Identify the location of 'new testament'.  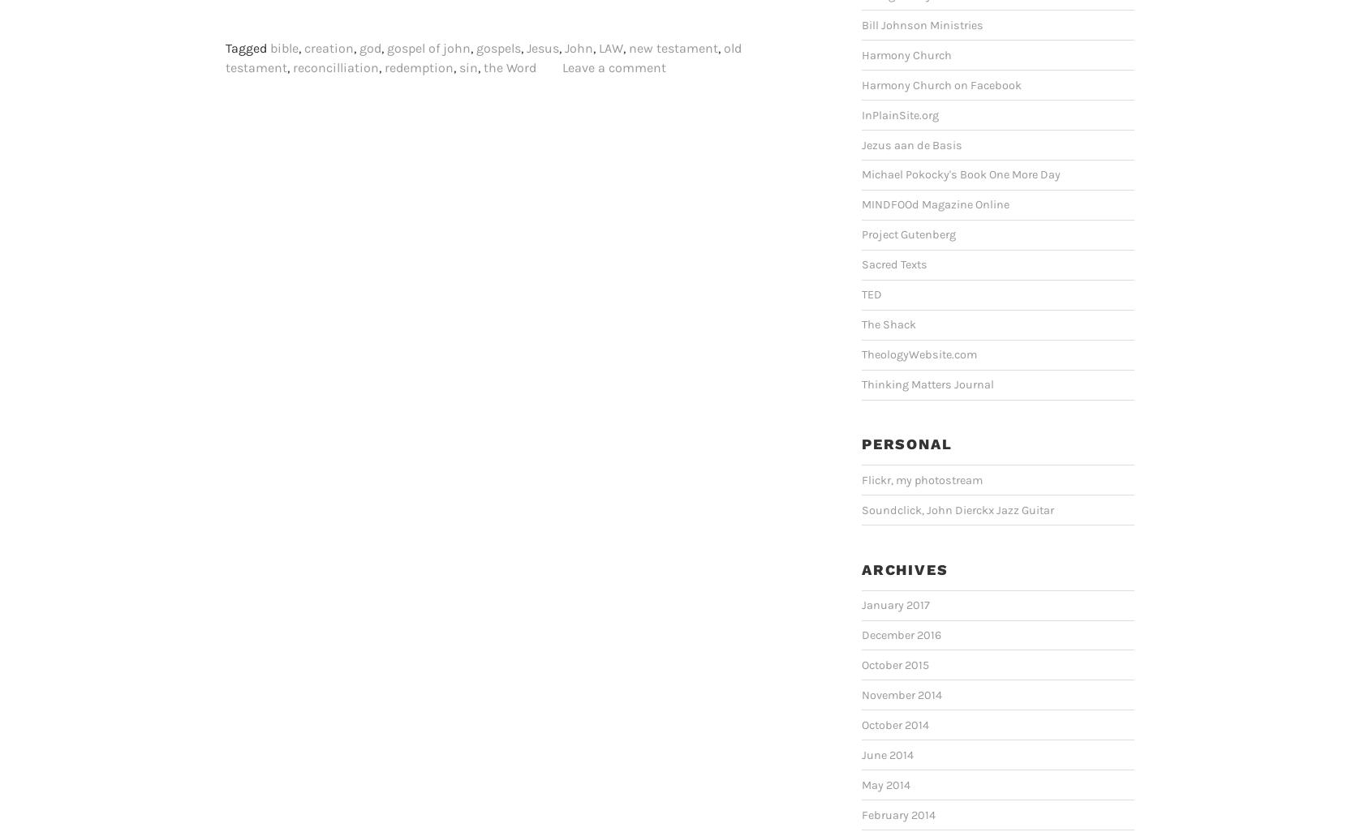
(672, 47).